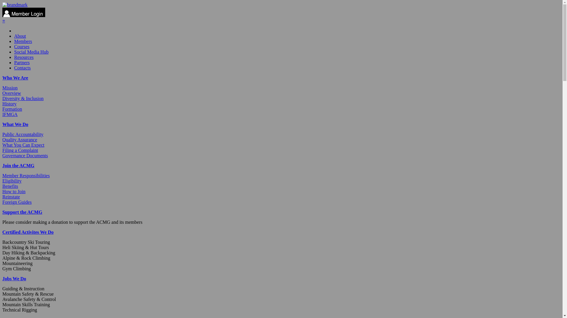  I want to click on 'History', so click(9, 103).